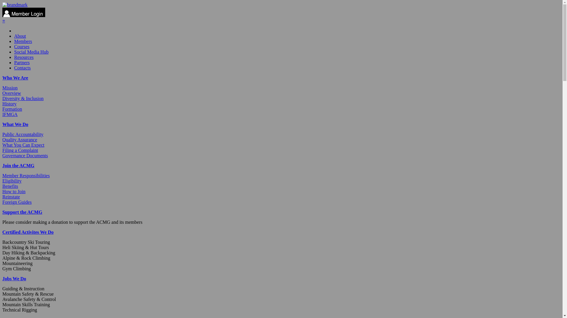  I want to click on 'History', so click(9, 103).